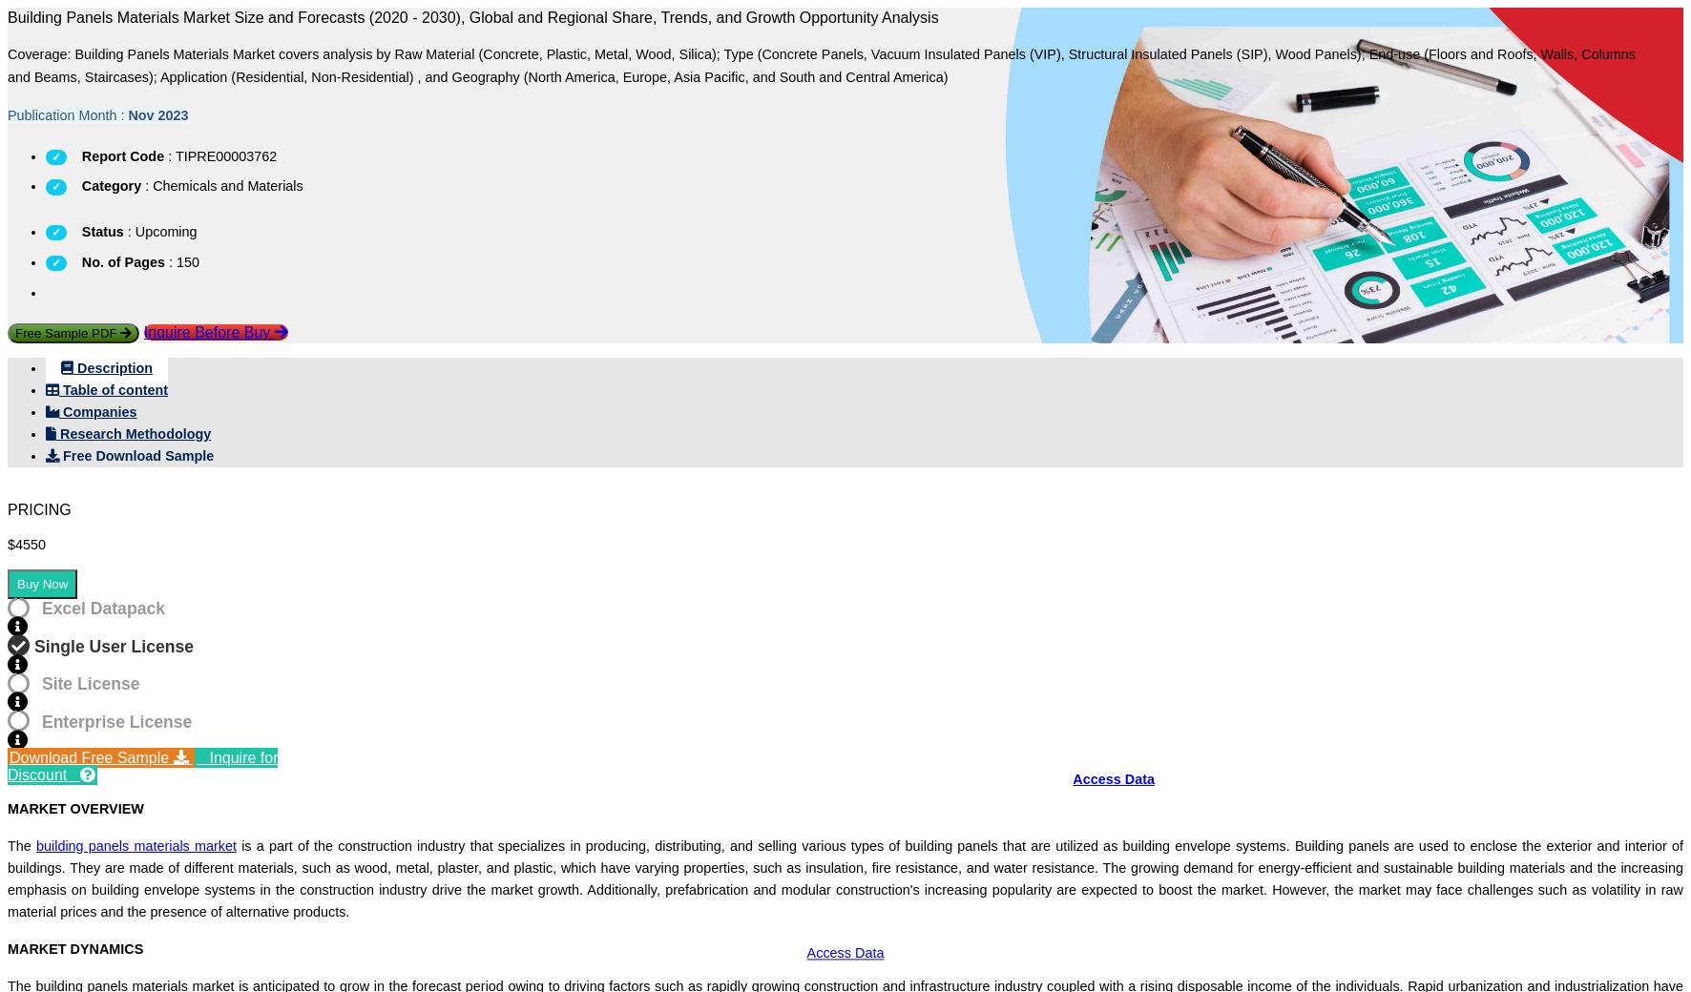 This screenshot has width=1691, height=992. Describe the element at coordinates (407, 759) in the screenshot. I see `'Competitive Analysis and Assessment'` at that location.